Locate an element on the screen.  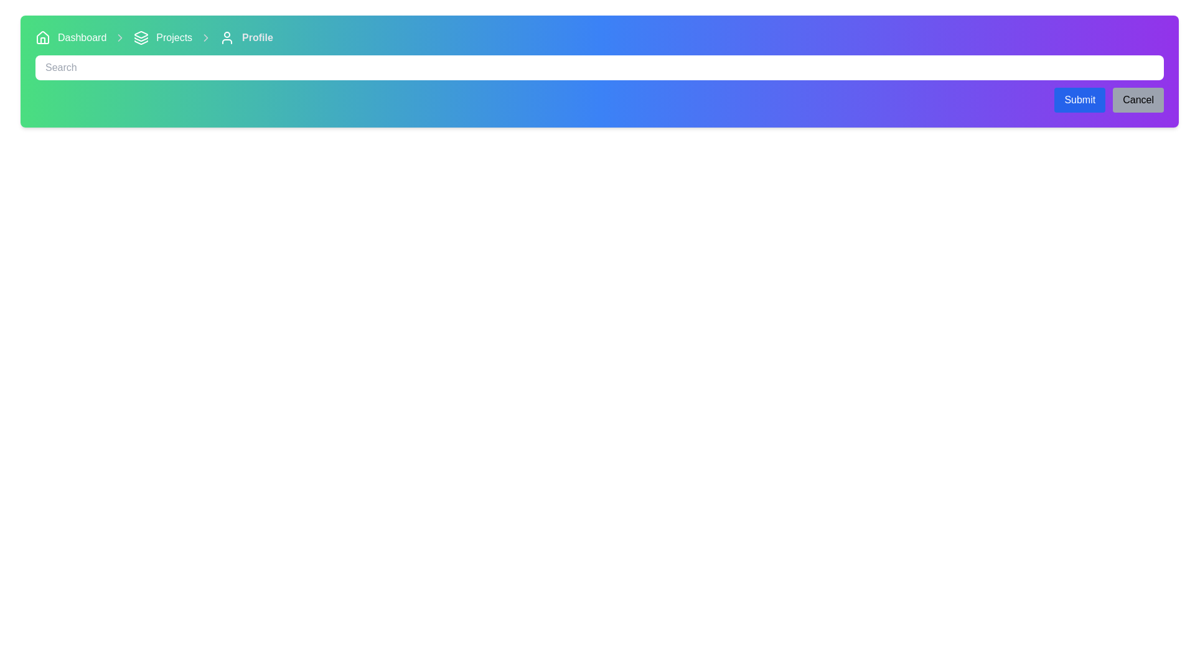
the navigation separator icon located between the 'Dashboard' and 'Projects' links in the navigation bar is located at coordinates (120, 37).